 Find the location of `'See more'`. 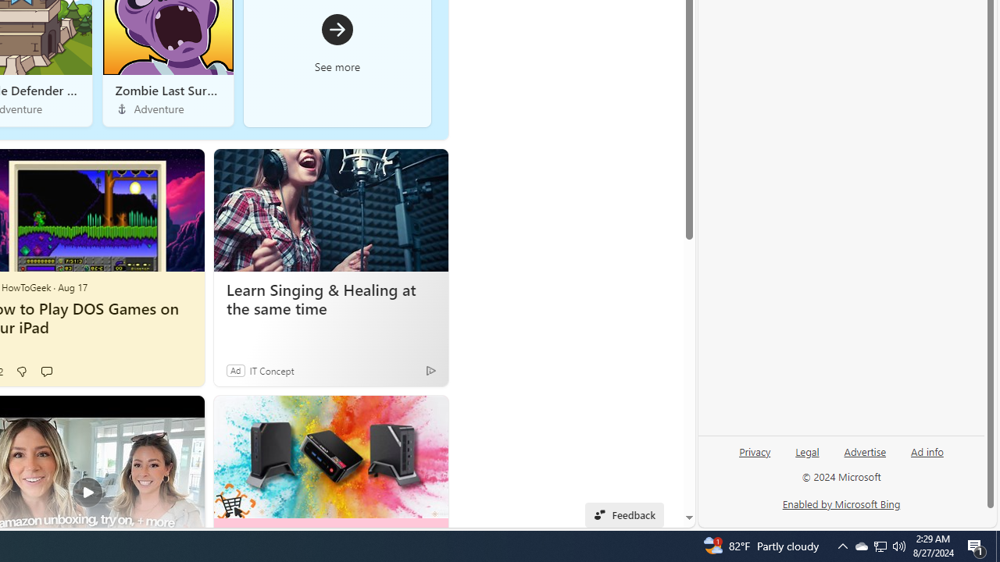

'See more' is located at coordinates (337, 41).